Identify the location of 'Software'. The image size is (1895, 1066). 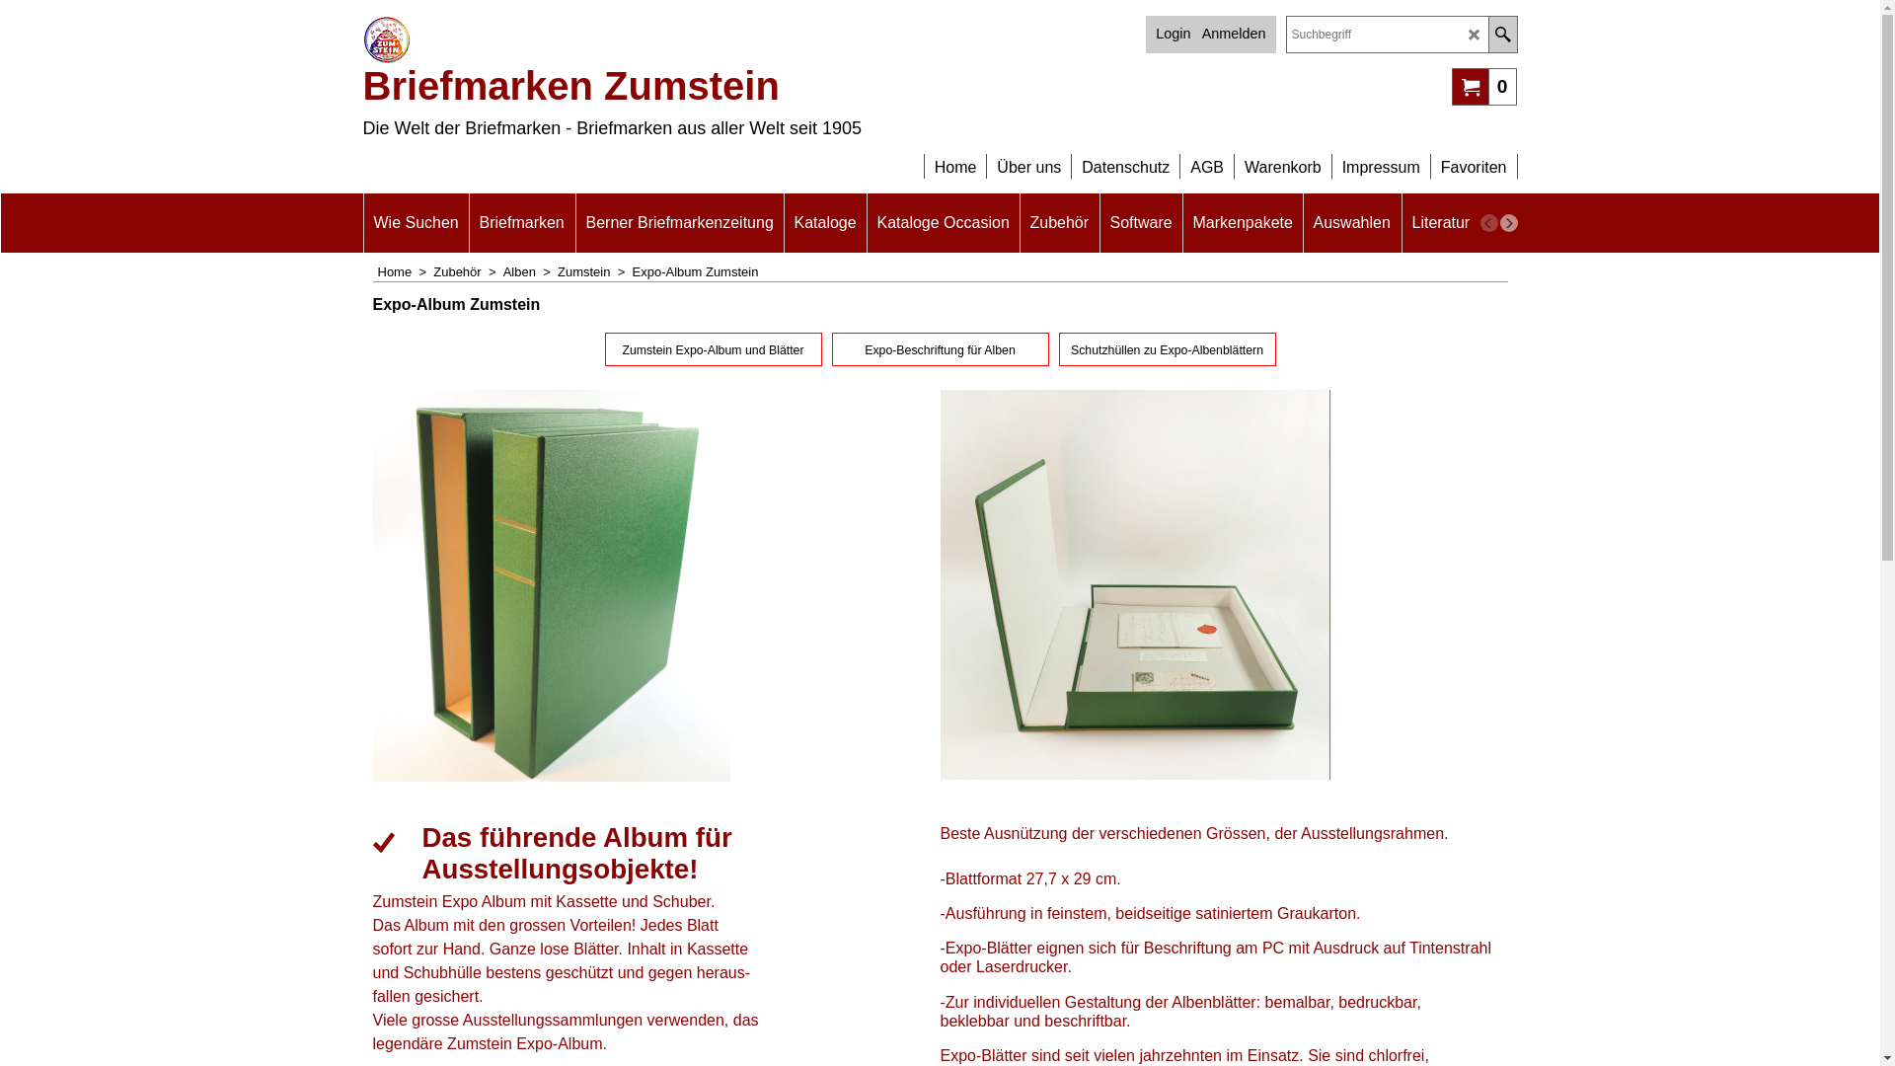
(1140, 222).